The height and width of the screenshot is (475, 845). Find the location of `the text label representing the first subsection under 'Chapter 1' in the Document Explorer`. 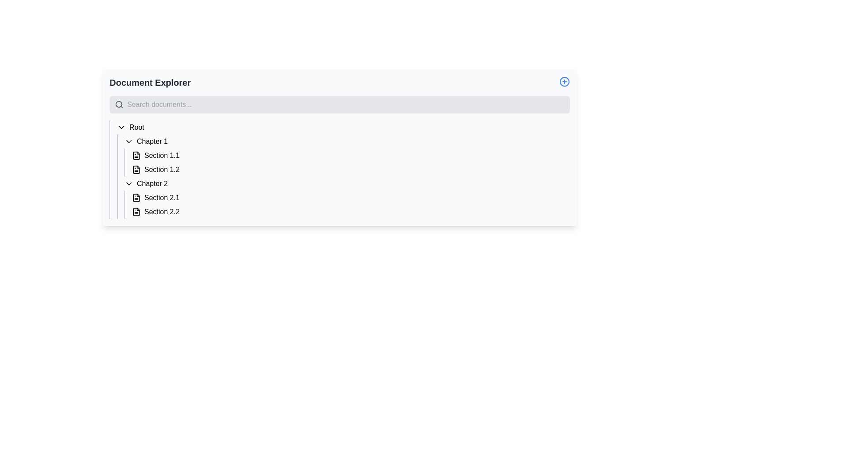

the text label representing the first subsection under 'Chapter 1' in the Document Explorer is located at coordinates (162, 155).